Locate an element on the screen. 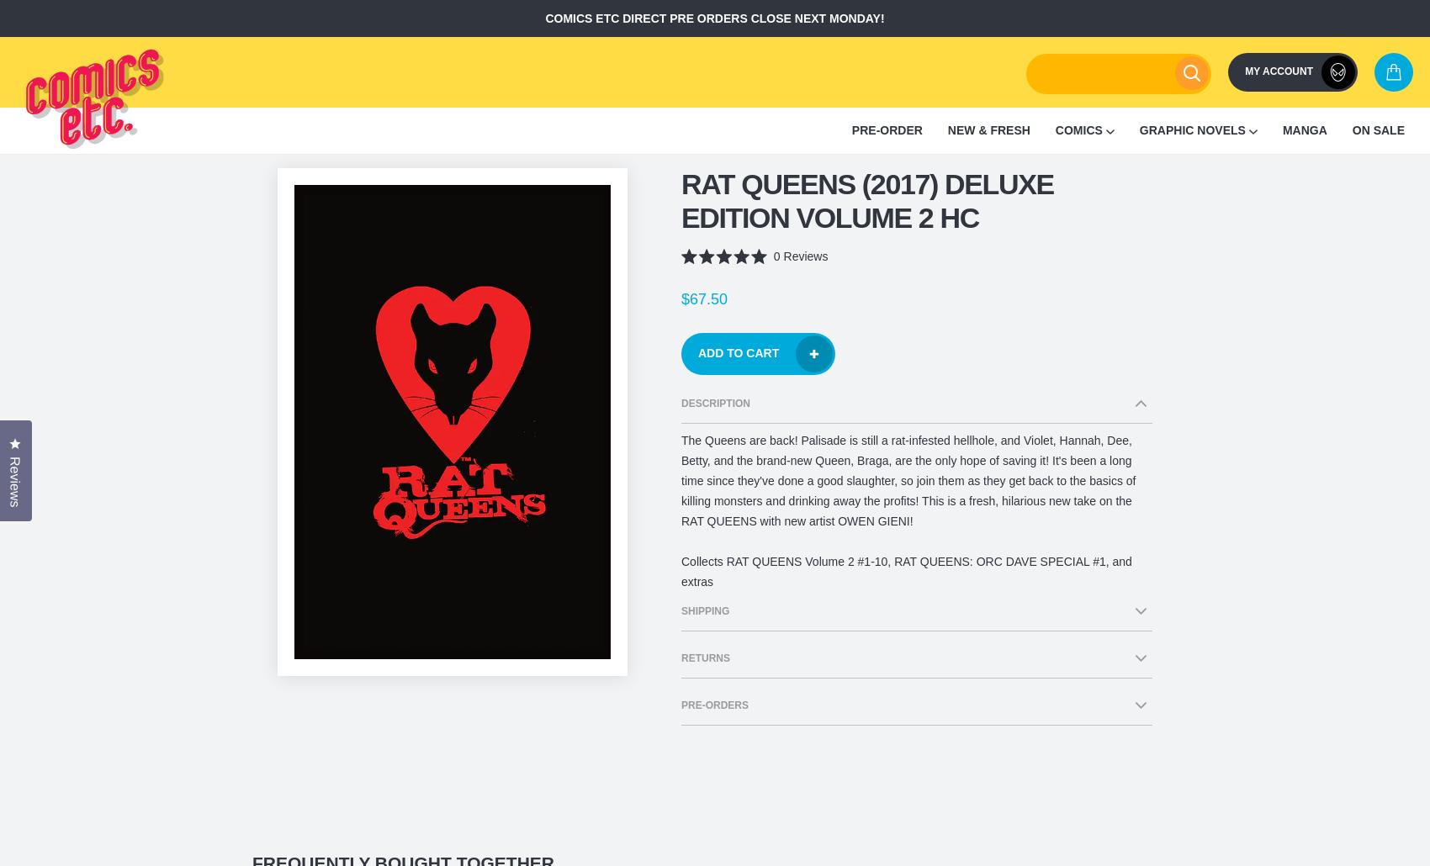 This screenshot has width=1430, height=866. 'The Queens are back! Palisade is still a rat-infested hellhole, and Violet, Hannah, Dee, Betty, and the brand-new Queen, Braga, are the only hope of saving it! It's been a long time since they've done a good slaughter, so join them as they get back to the basics of killing monsters and drinking away the profits! This is a fresh, hilarious new take on the RAT QUEENS with new artist OWEN GIENI!' is located at coordinates (908, 480).